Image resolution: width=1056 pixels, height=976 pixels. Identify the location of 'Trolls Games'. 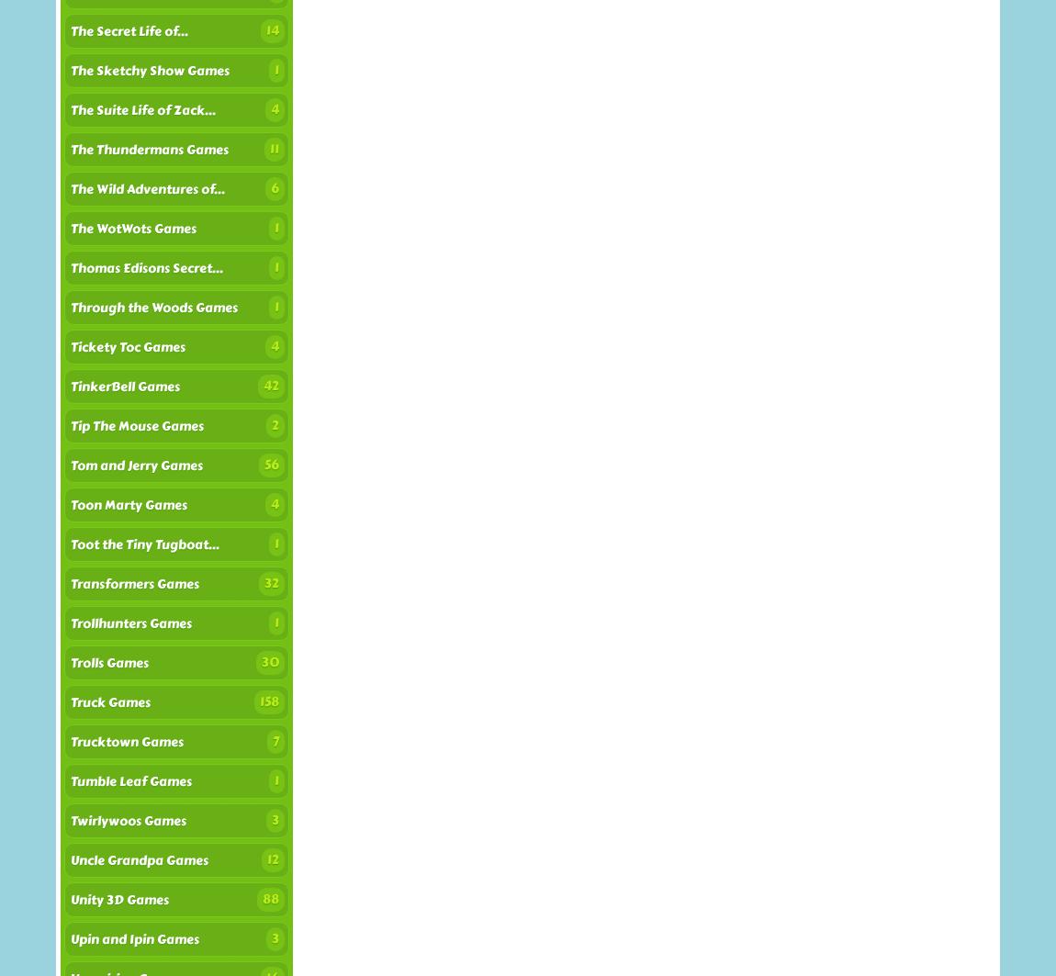
(70, 662).